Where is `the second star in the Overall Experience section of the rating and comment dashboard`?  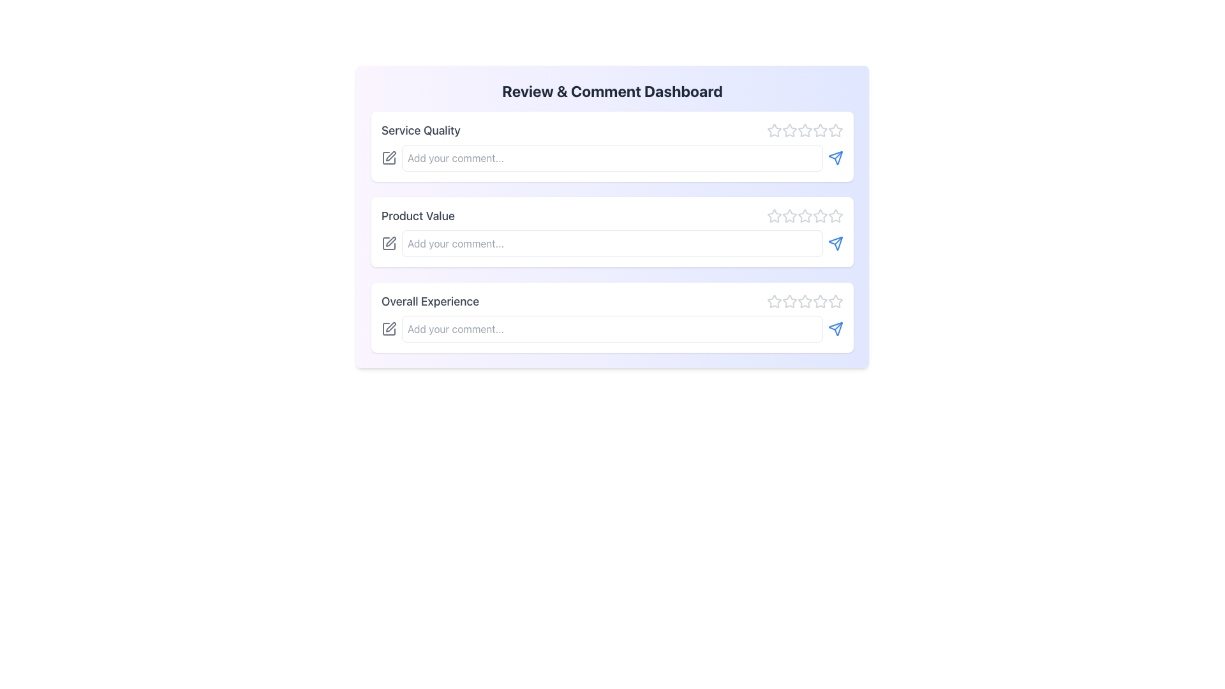
the second star in the Overall Experience section of the rating and comment dashboard is located at coordinates (789, 301).